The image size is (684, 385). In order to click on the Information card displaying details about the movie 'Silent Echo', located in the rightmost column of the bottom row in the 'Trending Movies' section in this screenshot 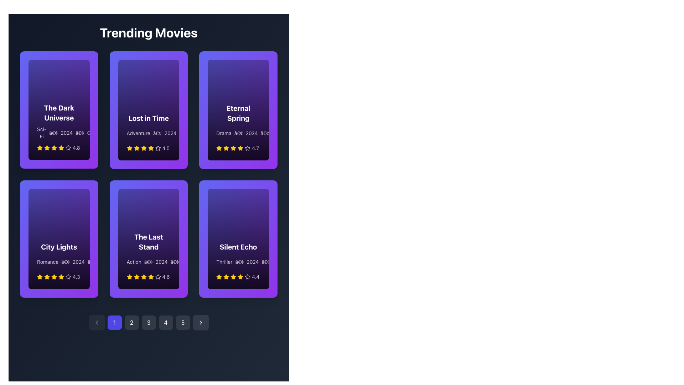, I will do `click(238, 261)`.